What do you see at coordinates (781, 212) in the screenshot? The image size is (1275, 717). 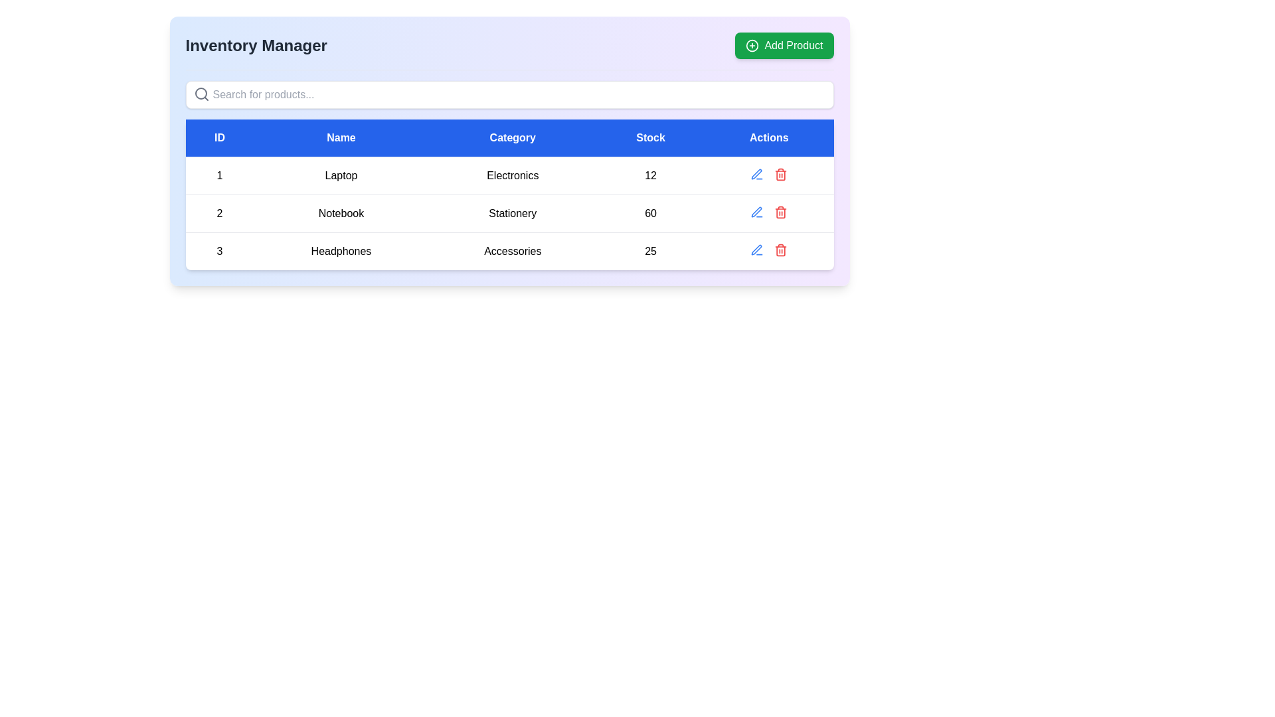 I see `the red trash can icon button located as the second icon in the 'Actions' column of the second row` at bounding box center [781, 212].